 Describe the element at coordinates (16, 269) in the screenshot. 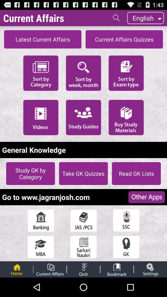

I see `app home` at that location.